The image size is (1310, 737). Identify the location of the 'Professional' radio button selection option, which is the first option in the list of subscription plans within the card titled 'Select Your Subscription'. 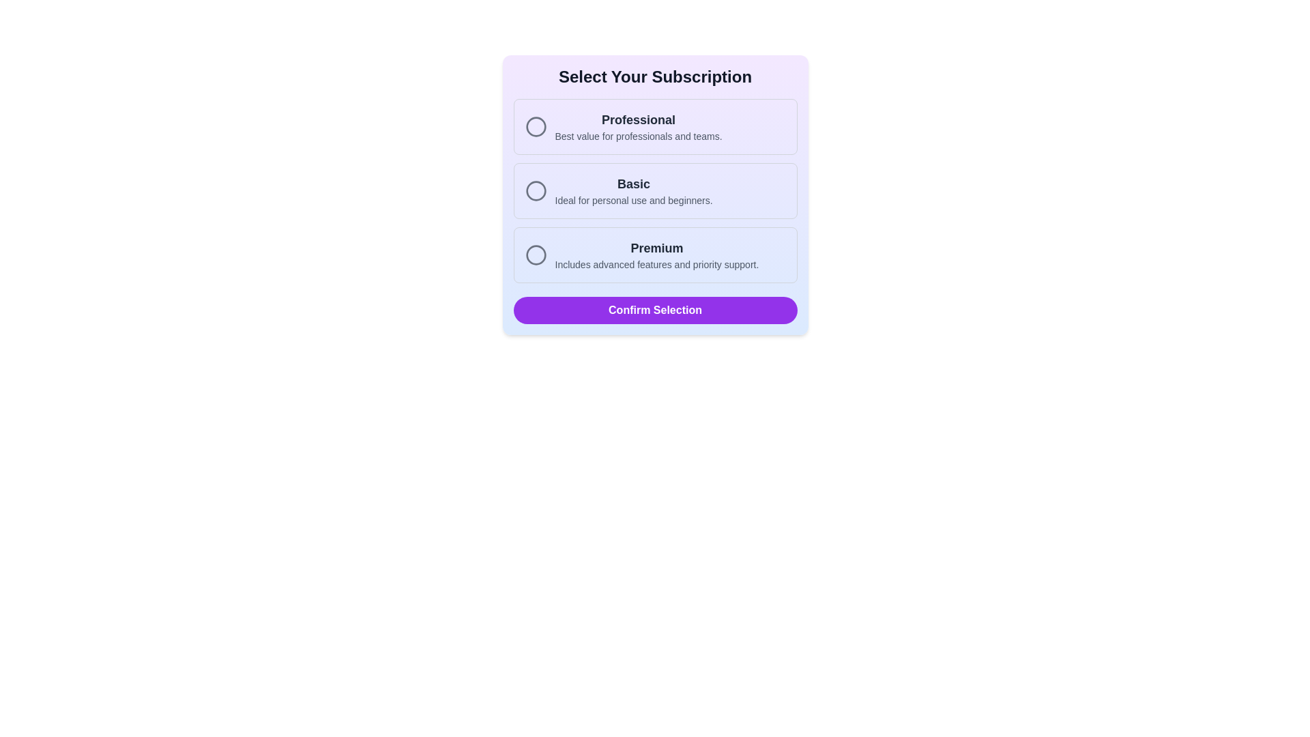
(655, 126).